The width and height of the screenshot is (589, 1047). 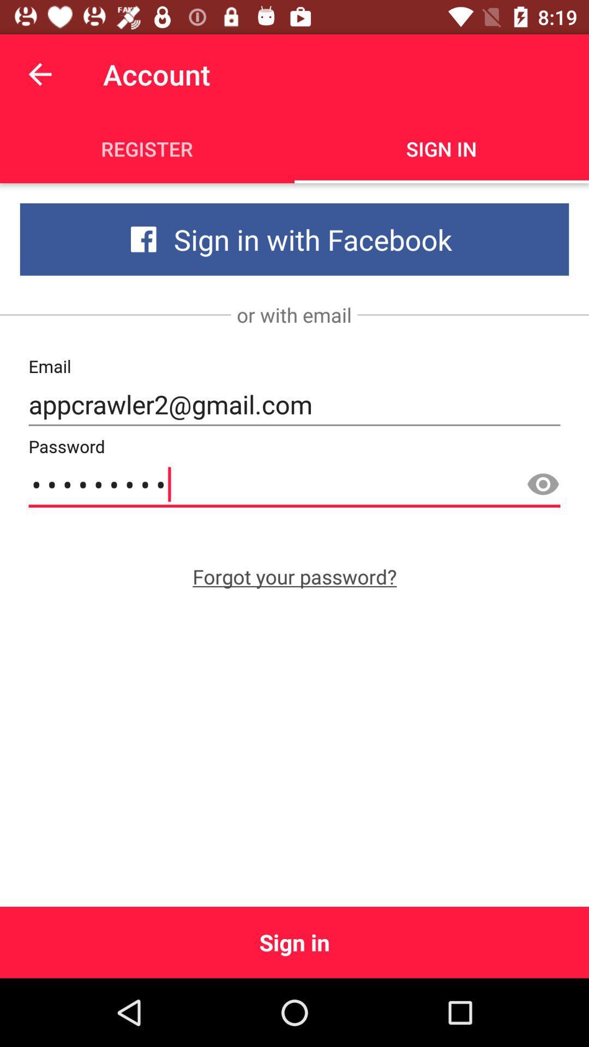 What do you see at coordinates (543, 484) in the screenshot?
I see `show the password` at bounding box center [543, 484].